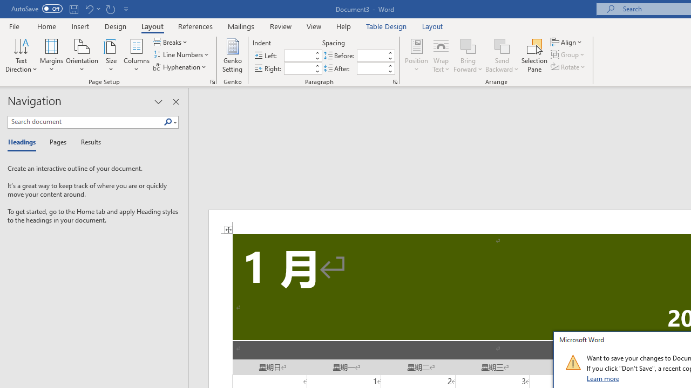 The image size is (691, 388). I want to click on 'Text Direction', so click(21, 56).